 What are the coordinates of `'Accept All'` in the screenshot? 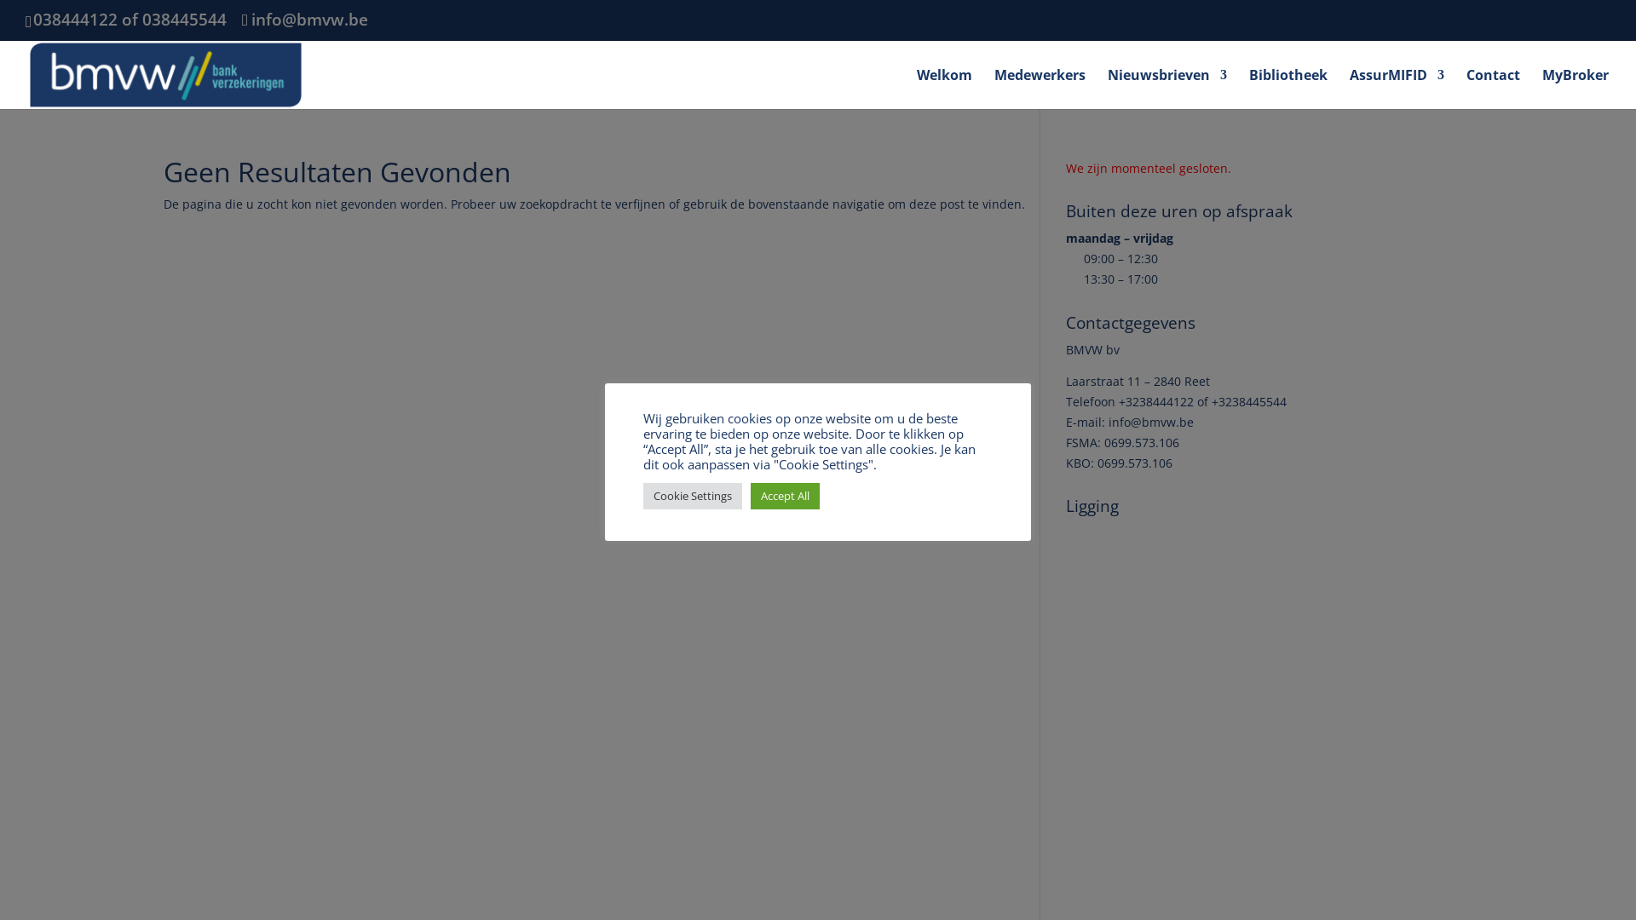 It's located at (750, 495).